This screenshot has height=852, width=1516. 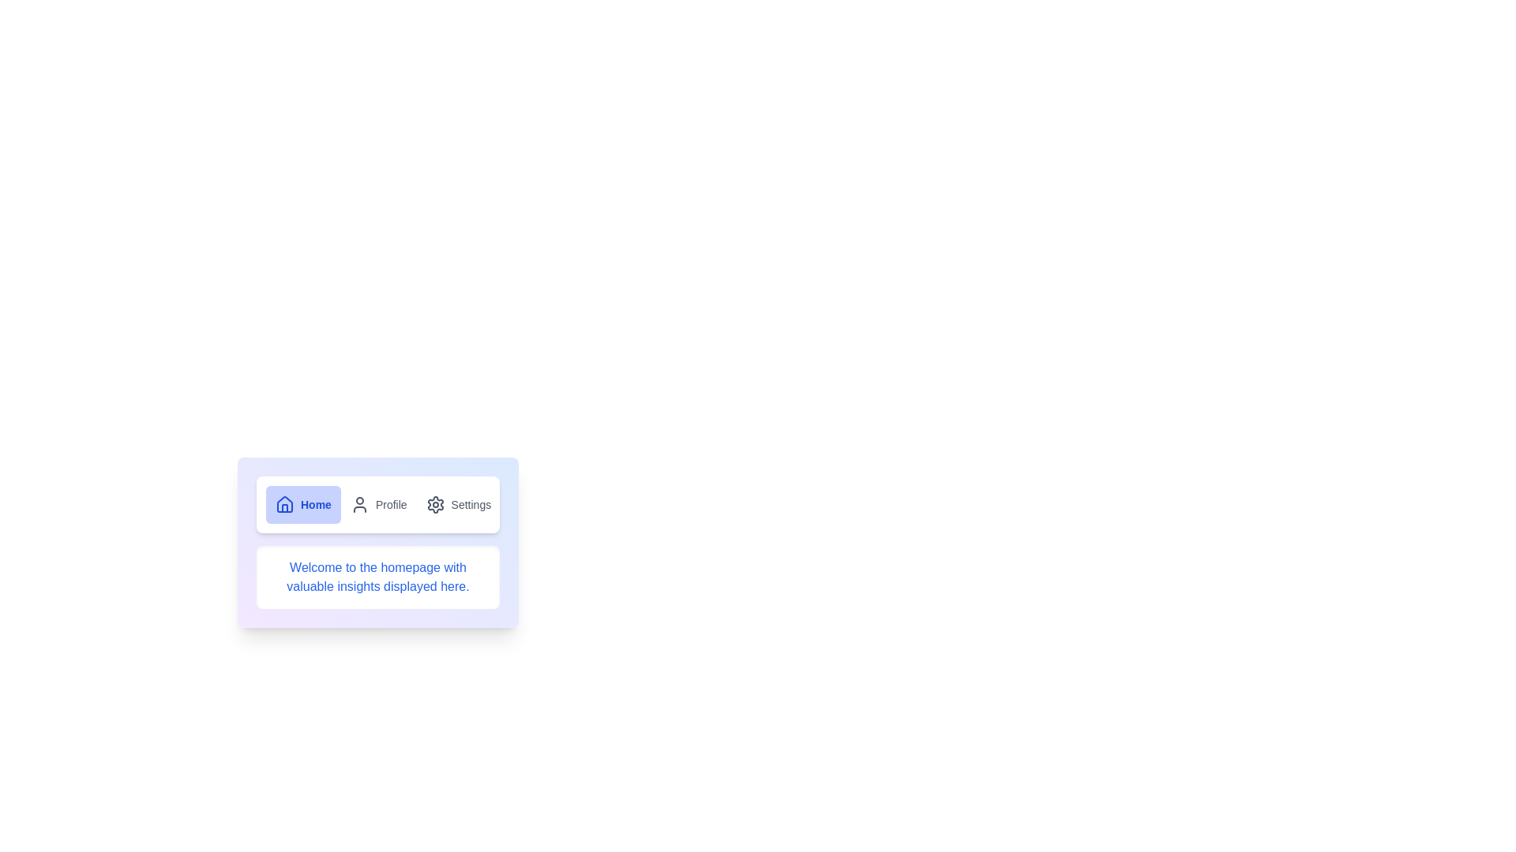 I want to click on the Home tab by clicking its button, so click(x=303, y=505).